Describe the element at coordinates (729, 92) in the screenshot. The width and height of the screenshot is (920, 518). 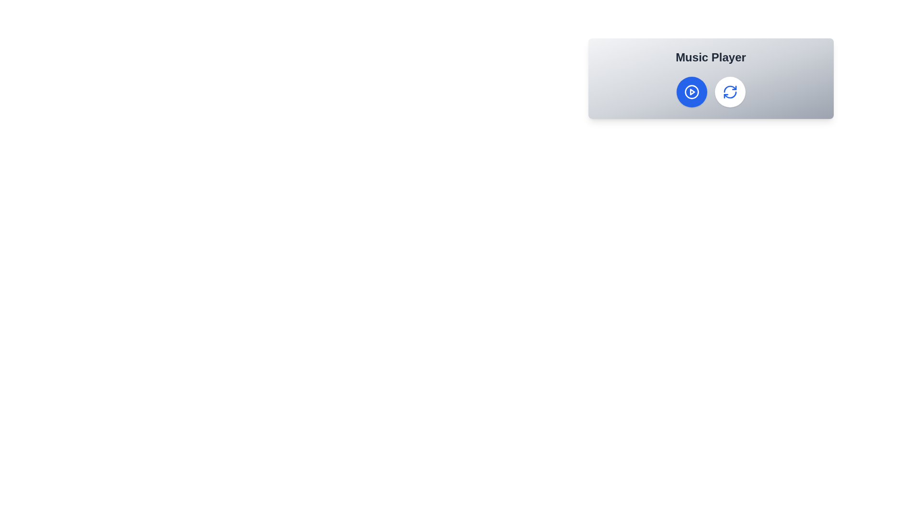
I see `the refresh button located at the rightmost position of the music player control area for keyboard navigation` at that location.